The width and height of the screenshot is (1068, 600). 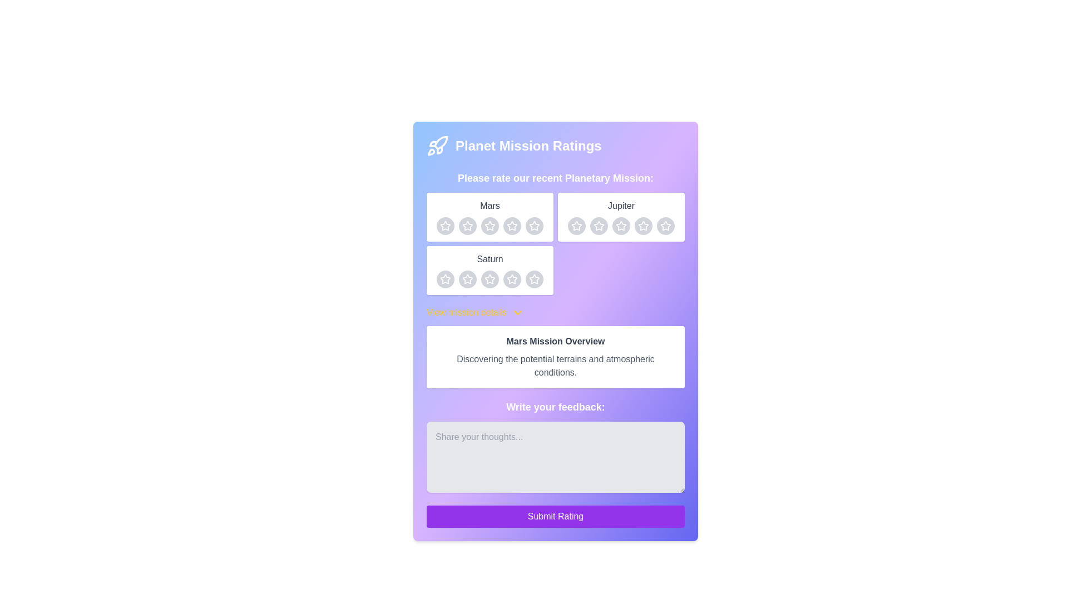 What do you see at coordinates (555, 463) in the screenshot?
I see `the input field or the 'Submit Rating' button in the feedback section located at the bottom of the 'Please rate our recent Planetary Mission:' section for visual feedback` at bounding box center [555, 463].